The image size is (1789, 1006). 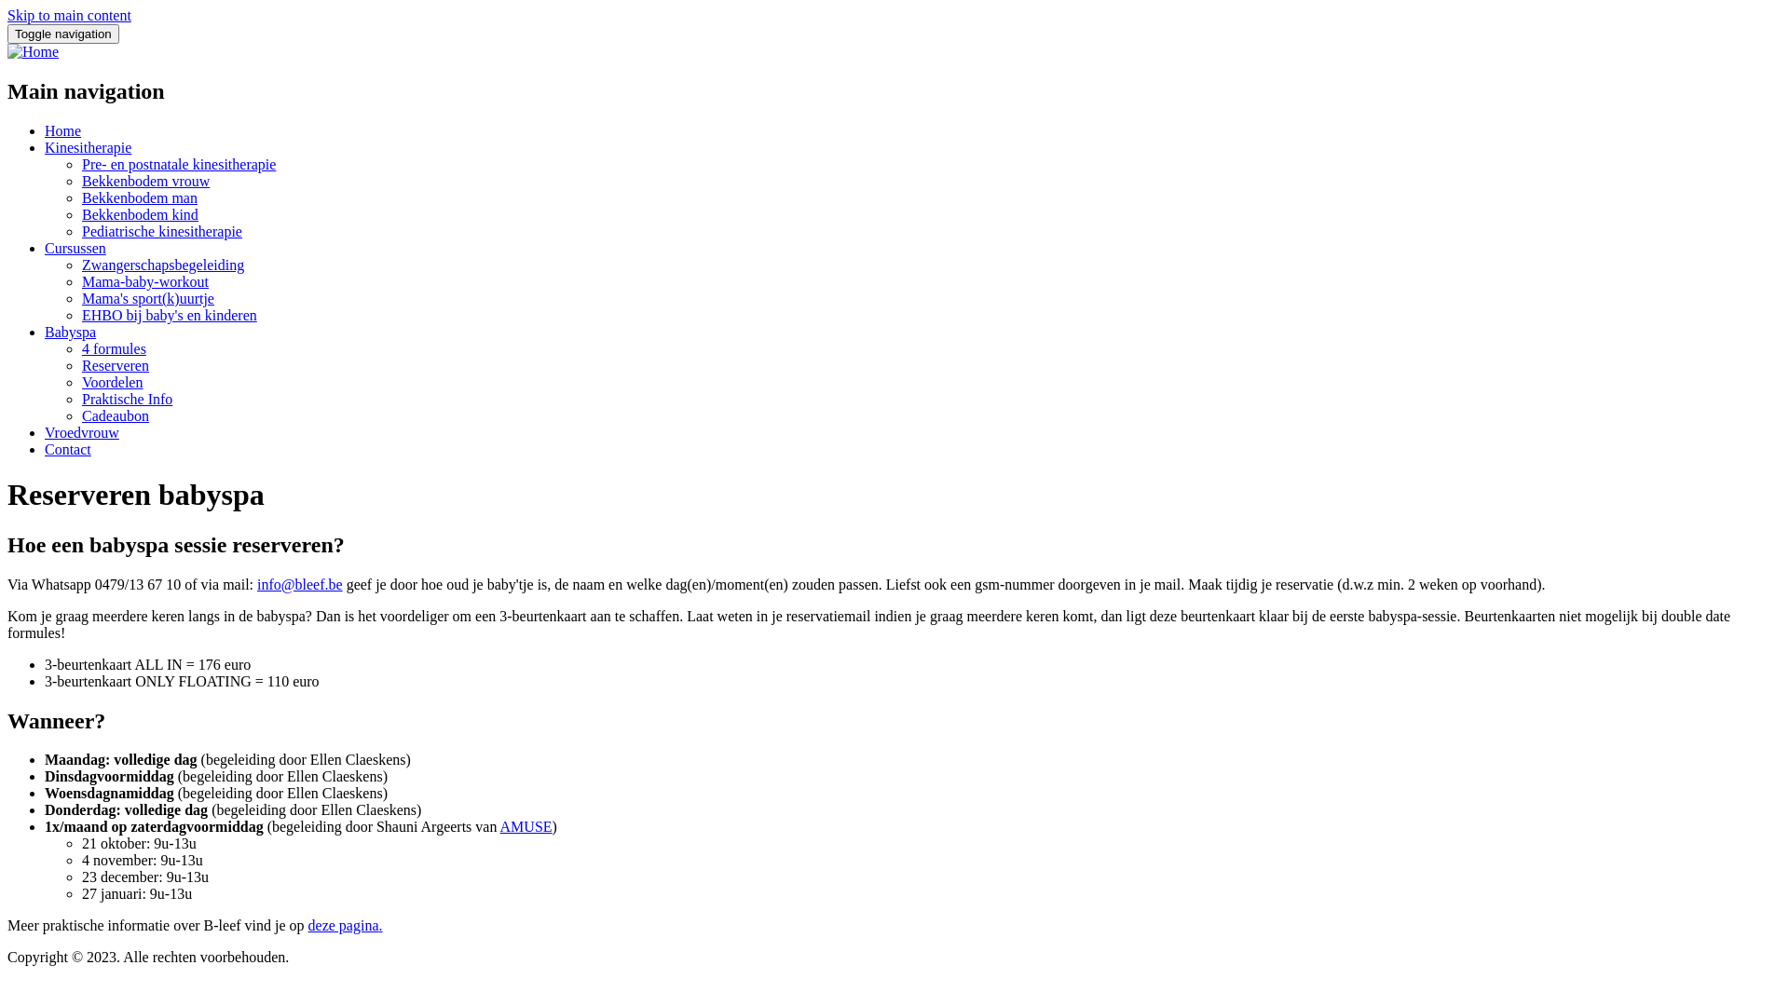 What do you see at coordinates (526, 825) in the screenshot?
I see `'AMUSE'` at bounding box center [526, 825].